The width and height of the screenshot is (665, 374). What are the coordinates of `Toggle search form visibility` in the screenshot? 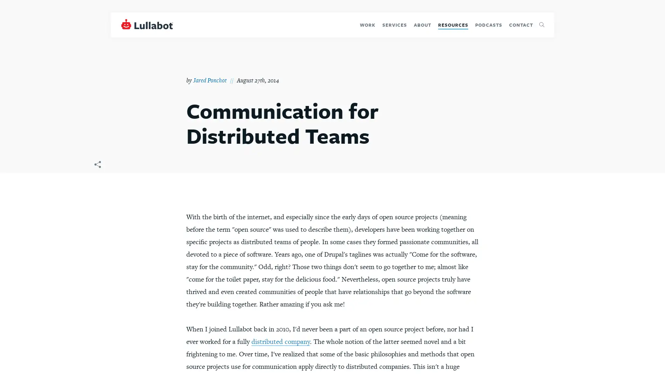 It's located at (541, 25).